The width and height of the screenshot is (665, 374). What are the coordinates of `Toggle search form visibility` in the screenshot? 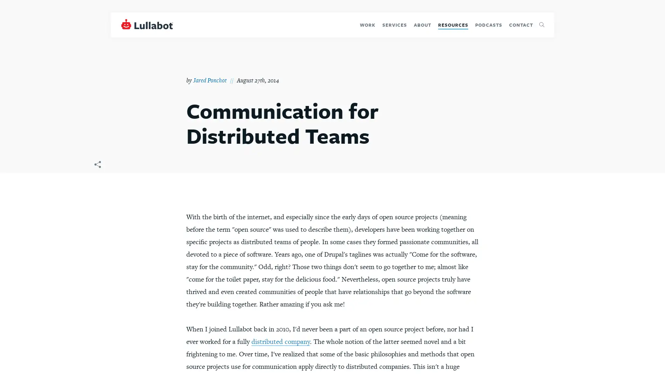 It's located at (541, 25).